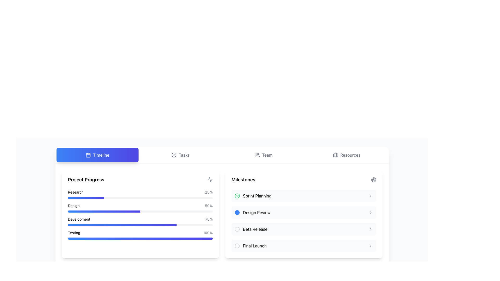 The image size is (500, 281). Describe the element at coordinates (86, 198) in the screenshot. I see `the first segment of the progress bar under the 'Research' label in the 'Project Progress' section, which visually indicates a quarter completion of the task` at that location.